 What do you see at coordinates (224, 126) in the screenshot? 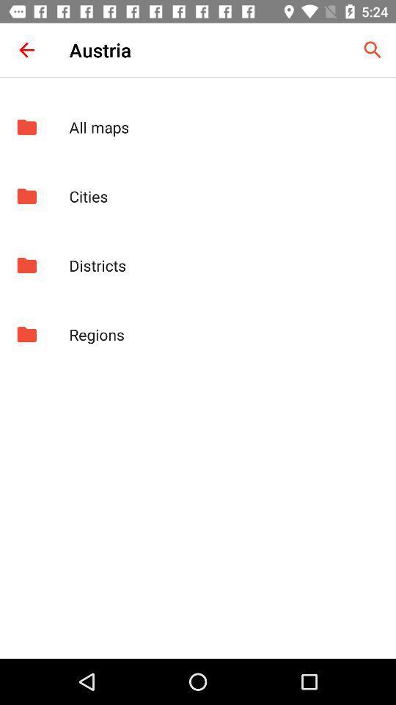
I see `all maps icon` at bounding box center [224, 126].